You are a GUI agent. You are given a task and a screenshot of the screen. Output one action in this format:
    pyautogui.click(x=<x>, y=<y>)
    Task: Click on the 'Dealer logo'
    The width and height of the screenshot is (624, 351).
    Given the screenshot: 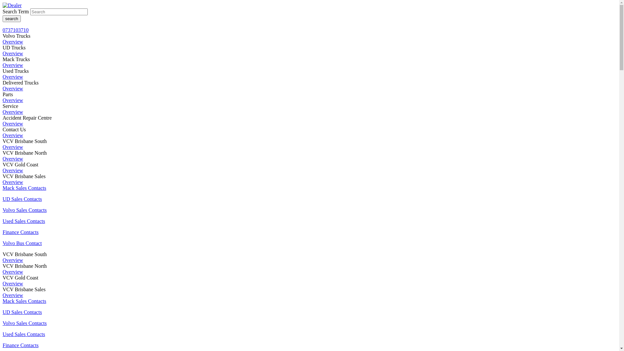 What is the action you would take?
    pyautogui.click(x=3, y=5)
    